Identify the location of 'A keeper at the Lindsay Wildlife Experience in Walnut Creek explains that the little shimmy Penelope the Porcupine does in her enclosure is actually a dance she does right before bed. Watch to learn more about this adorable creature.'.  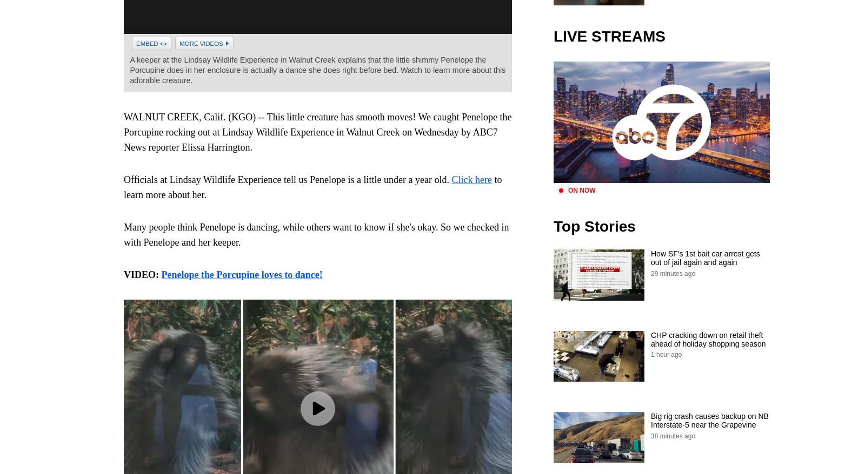
(317, 69).